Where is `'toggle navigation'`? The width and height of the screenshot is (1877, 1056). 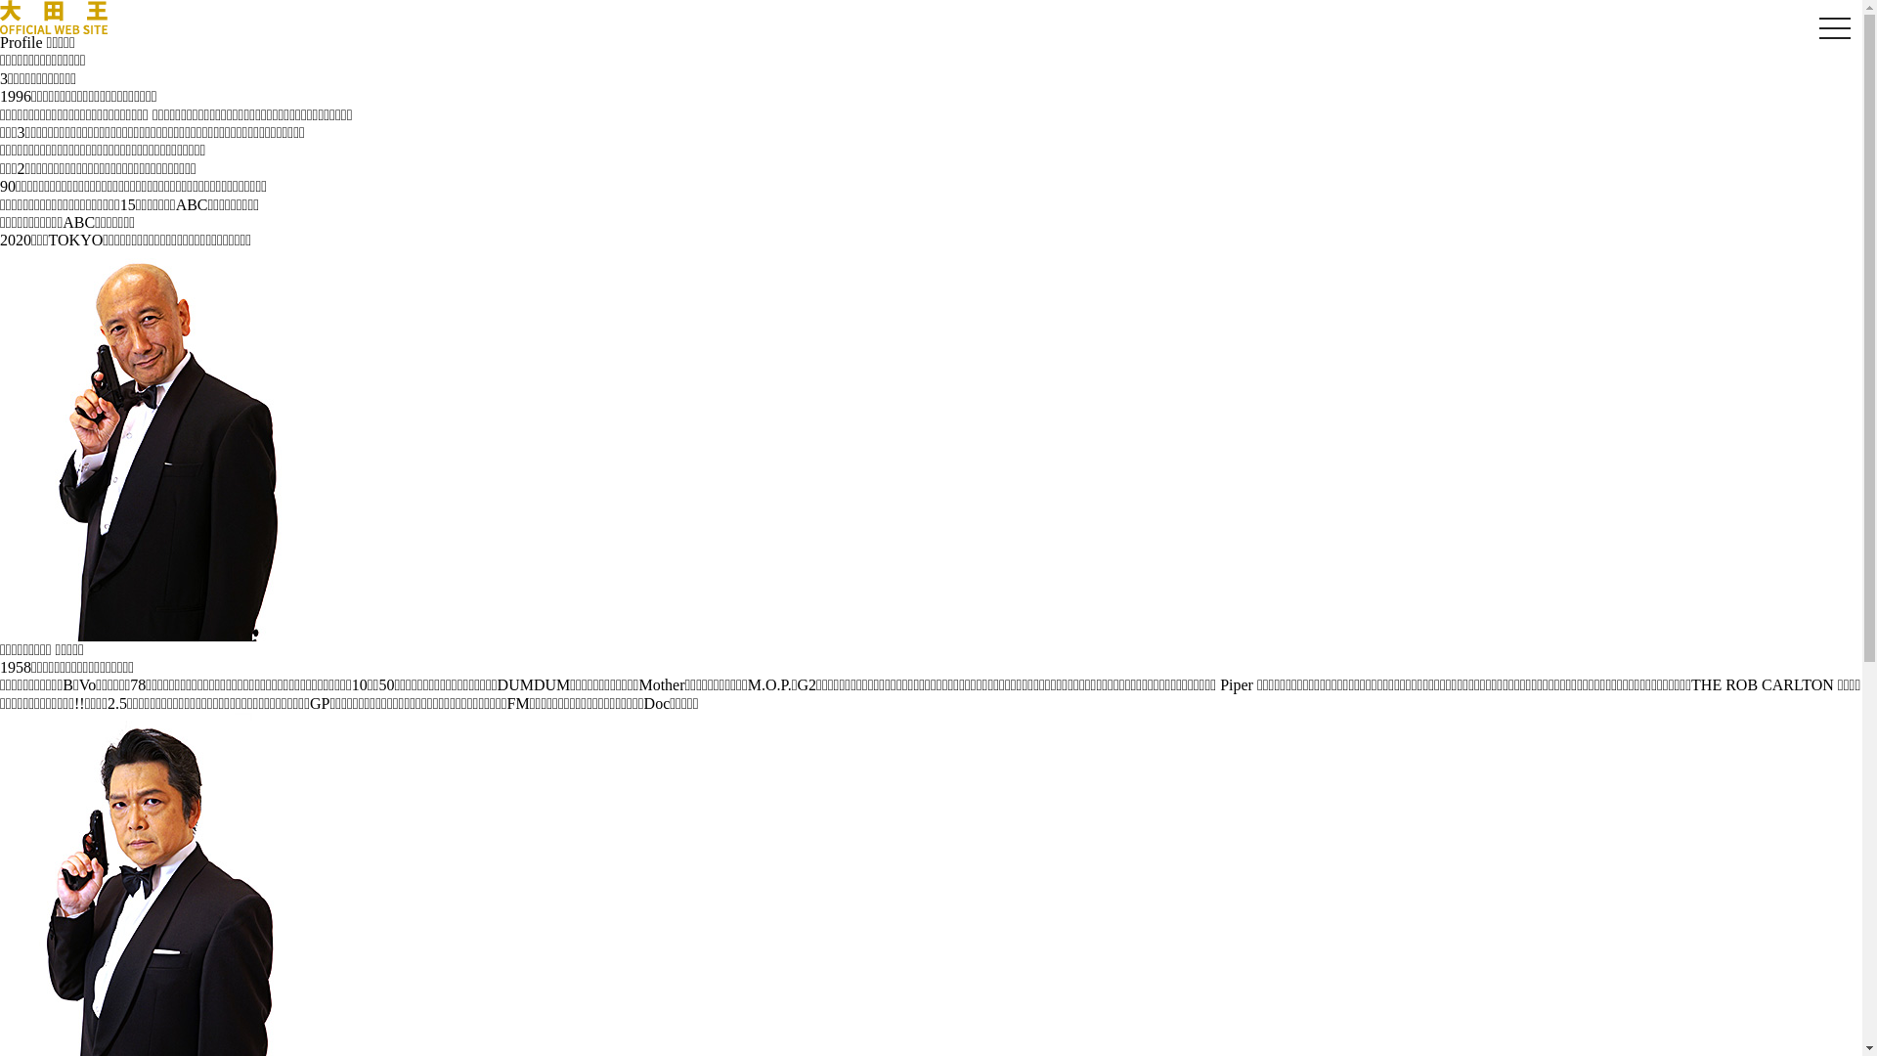
'toggle navigation' is located at coordinates (1833, 29).